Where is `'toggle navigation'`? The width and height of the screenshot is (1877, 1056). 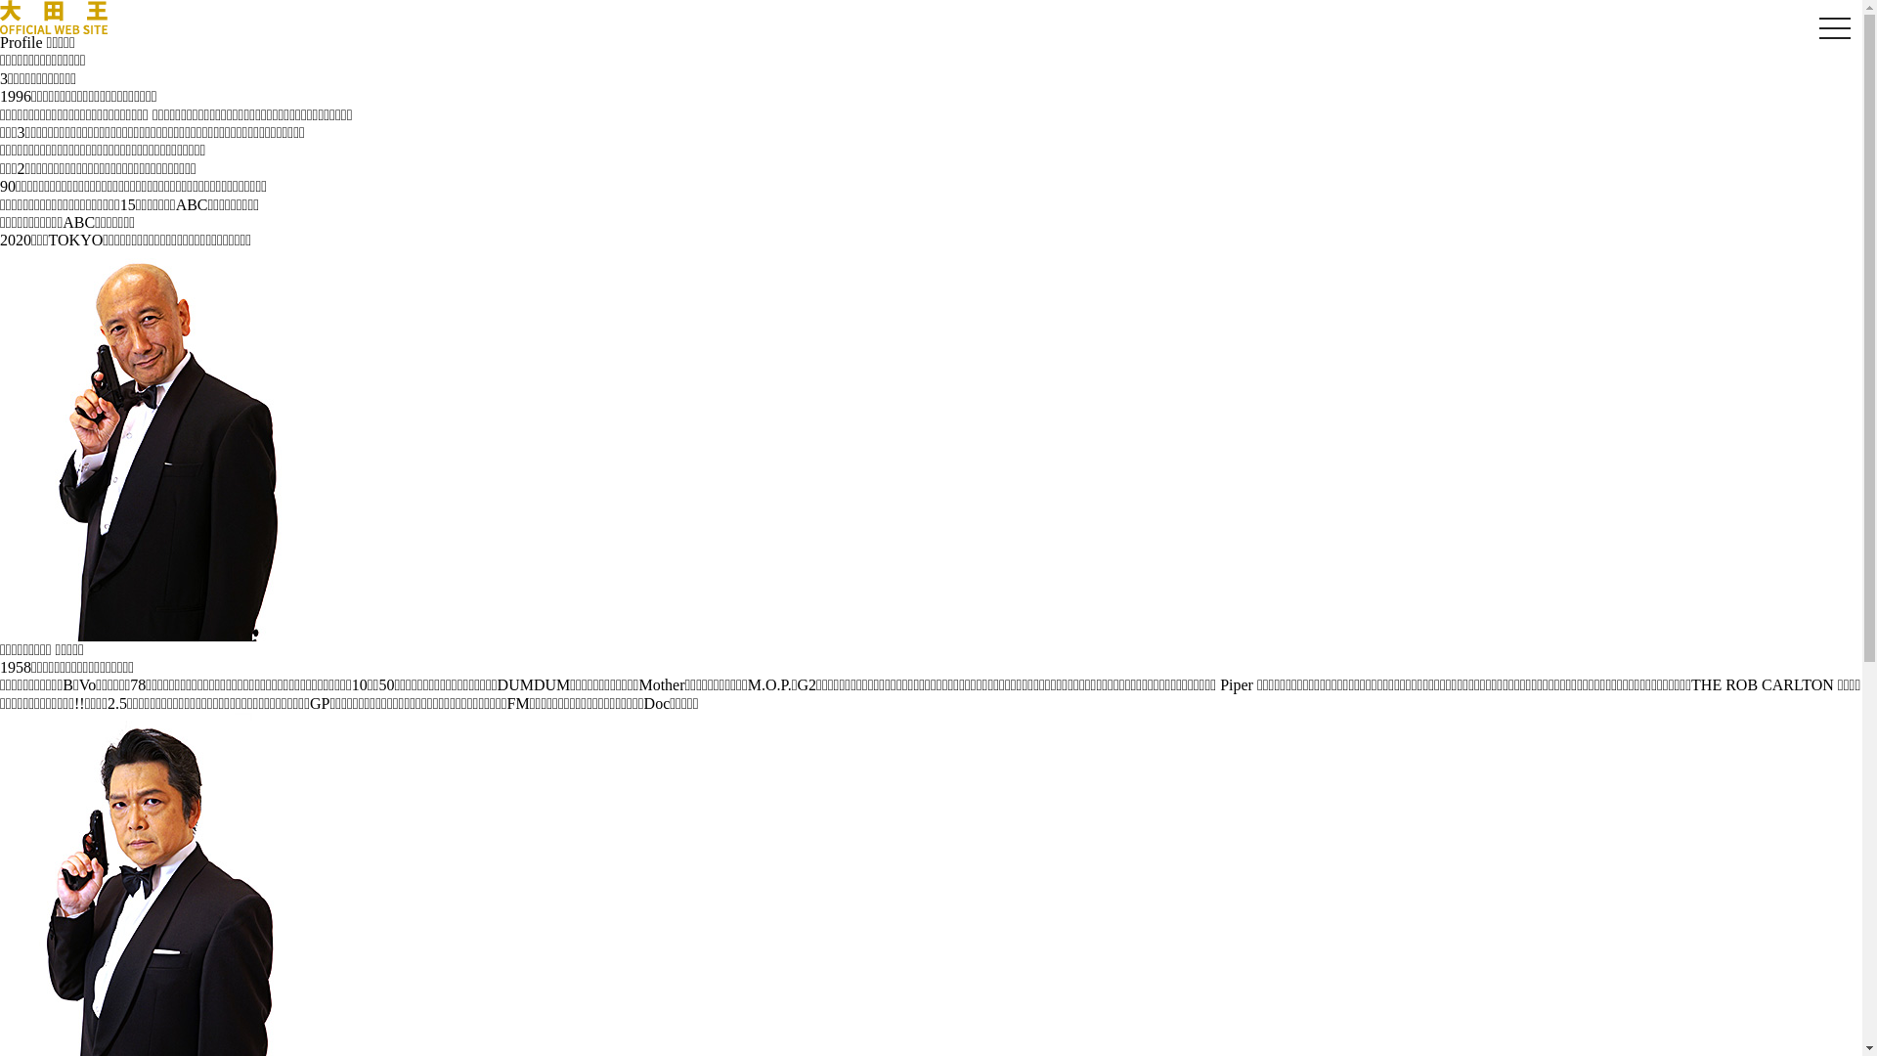
'toggle navigation' is located at coordinates (1833, 29).